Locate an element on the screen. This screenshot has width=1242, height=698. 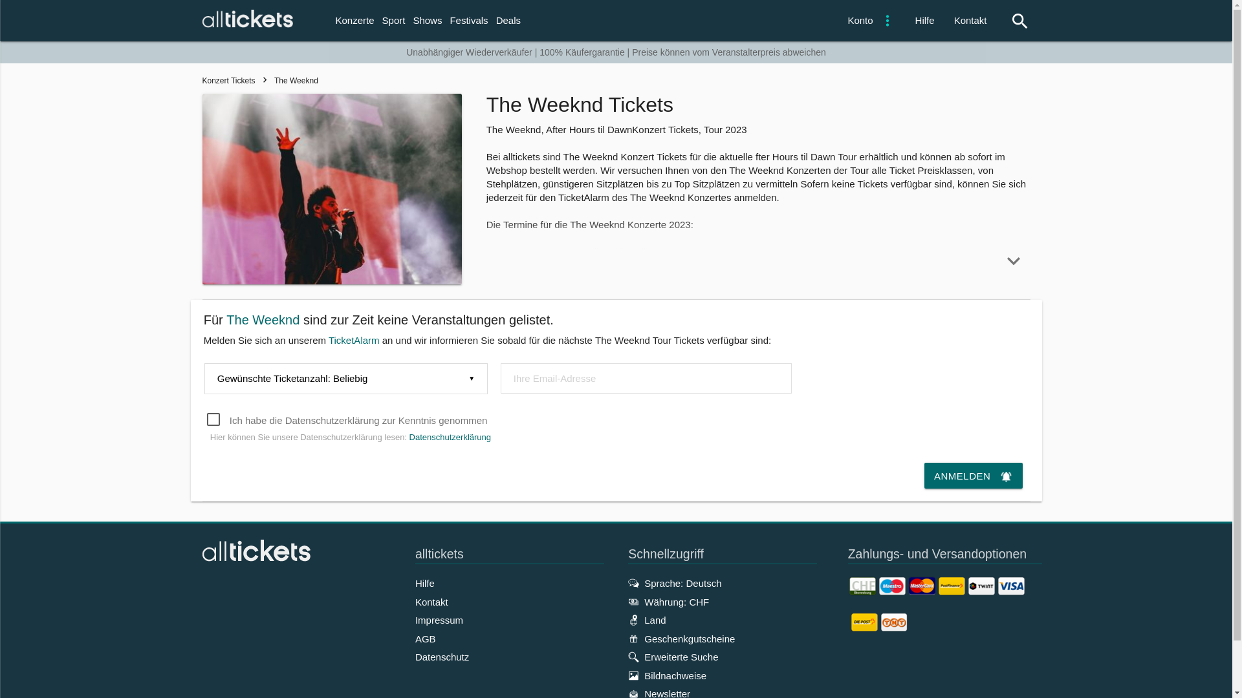
'Hilfe' is located at coordinates (425, 583).